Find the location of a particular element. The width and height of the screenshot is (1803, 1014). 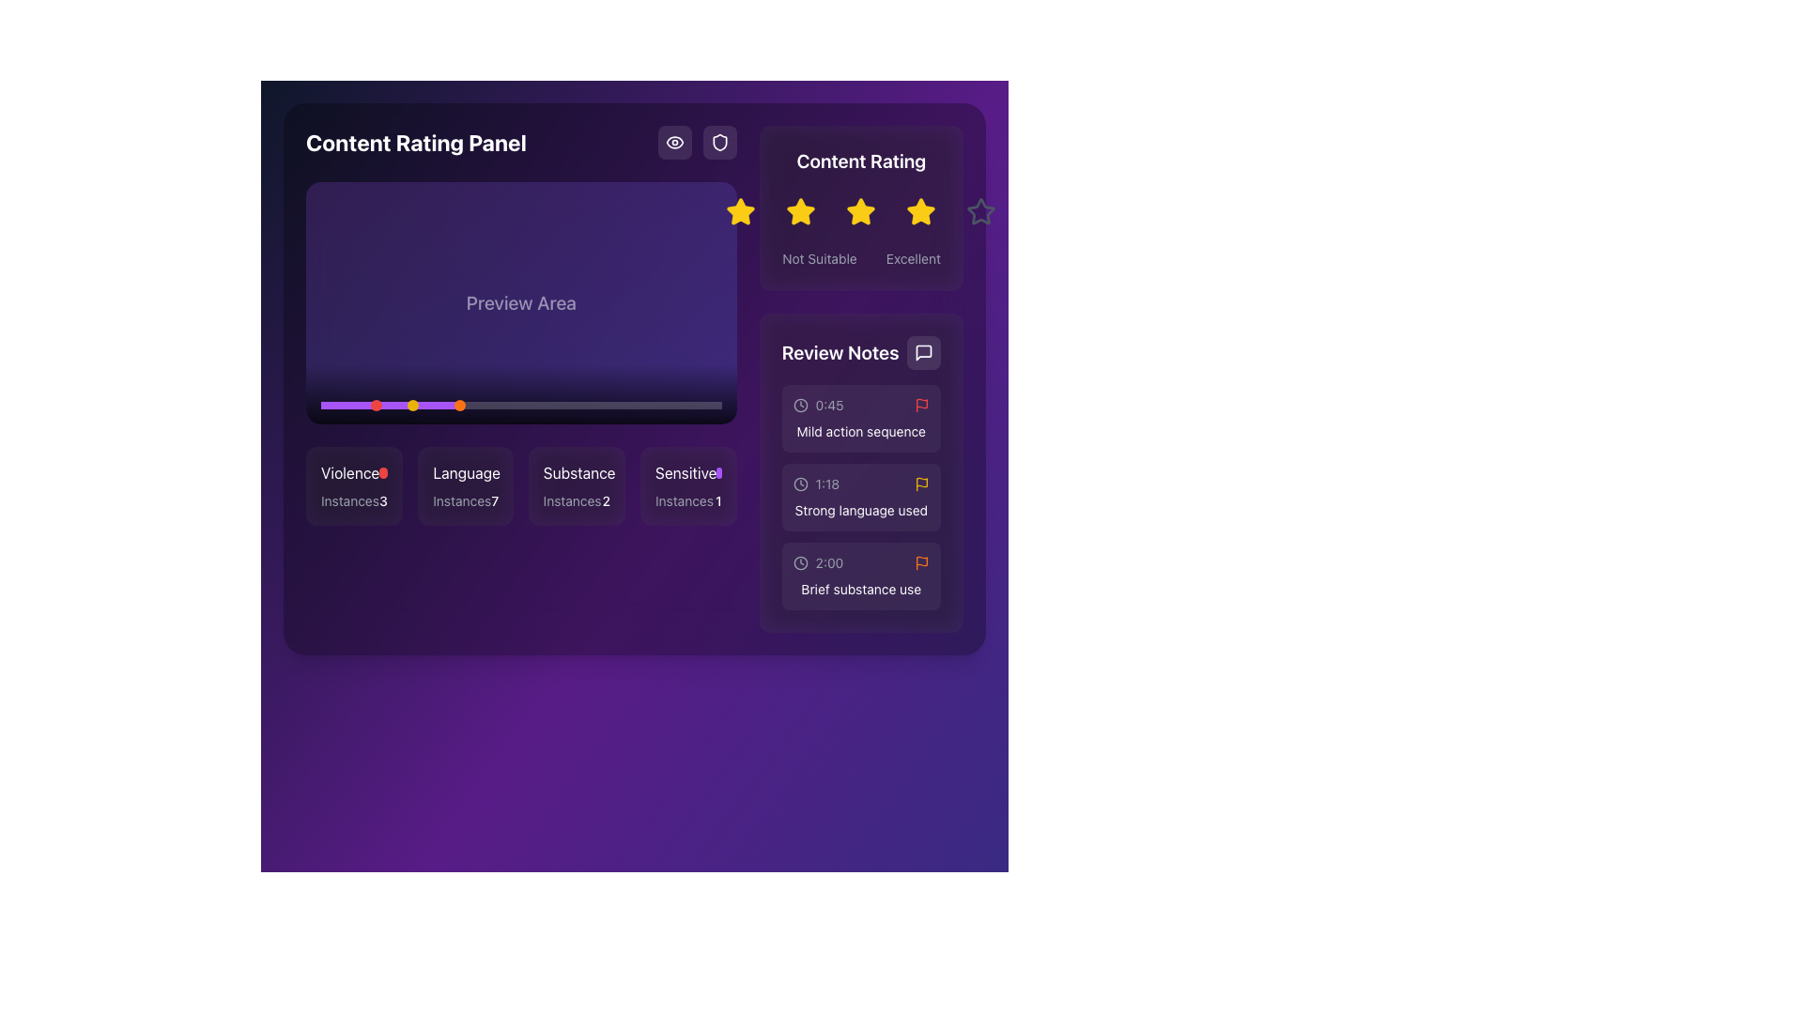

the first marker dot on the progress bar, which indicates a specific event or marker related to the content being analyzed is located at coordinates (376, 405).